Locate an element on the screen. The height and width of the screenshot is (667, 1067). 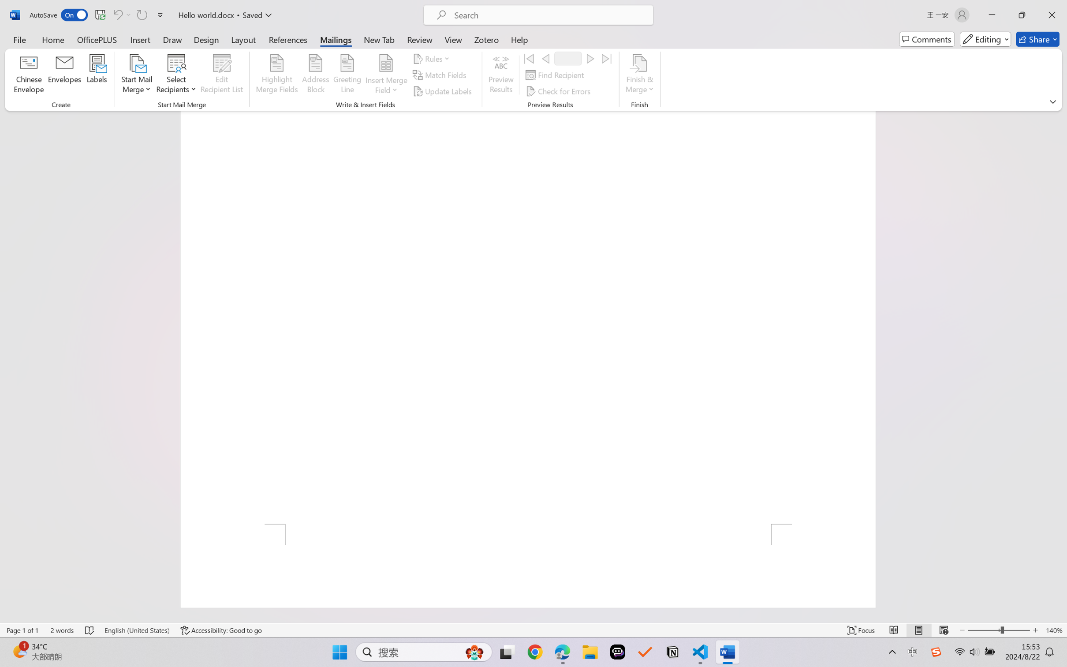
'Page Number Page 1 of 1' is located at coordinates (23, 630).